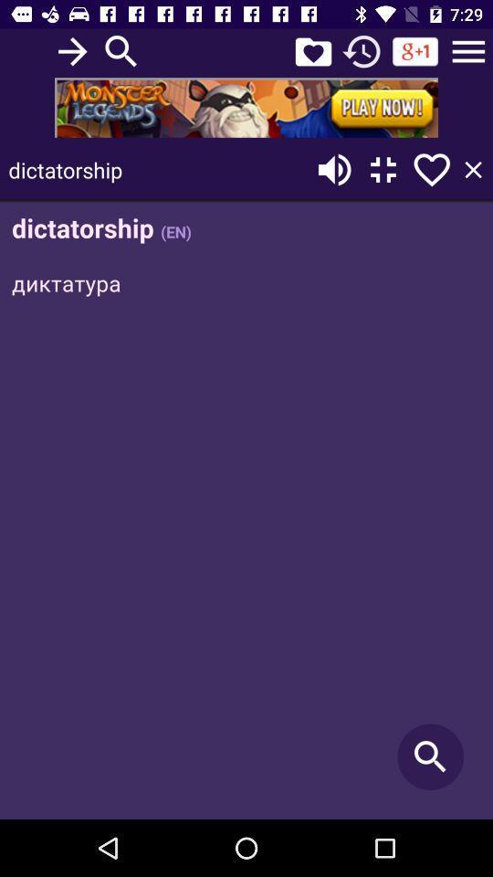 This screenshot has height=877, width=493. I want to click on the volume icon, so click(333, 169).